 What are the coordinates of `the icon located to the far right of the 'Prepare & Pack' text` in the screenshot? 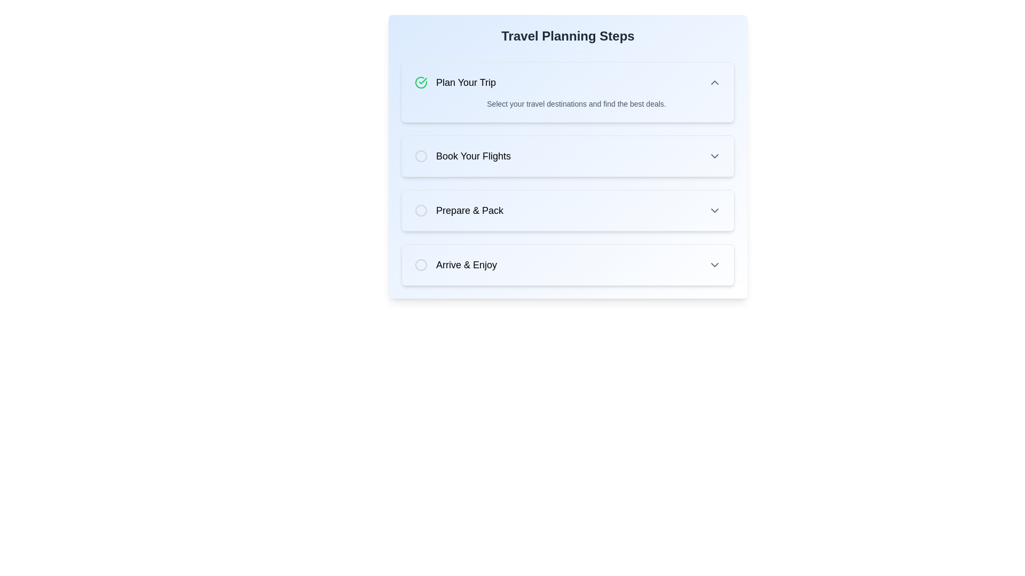 It's located at (715, 210).